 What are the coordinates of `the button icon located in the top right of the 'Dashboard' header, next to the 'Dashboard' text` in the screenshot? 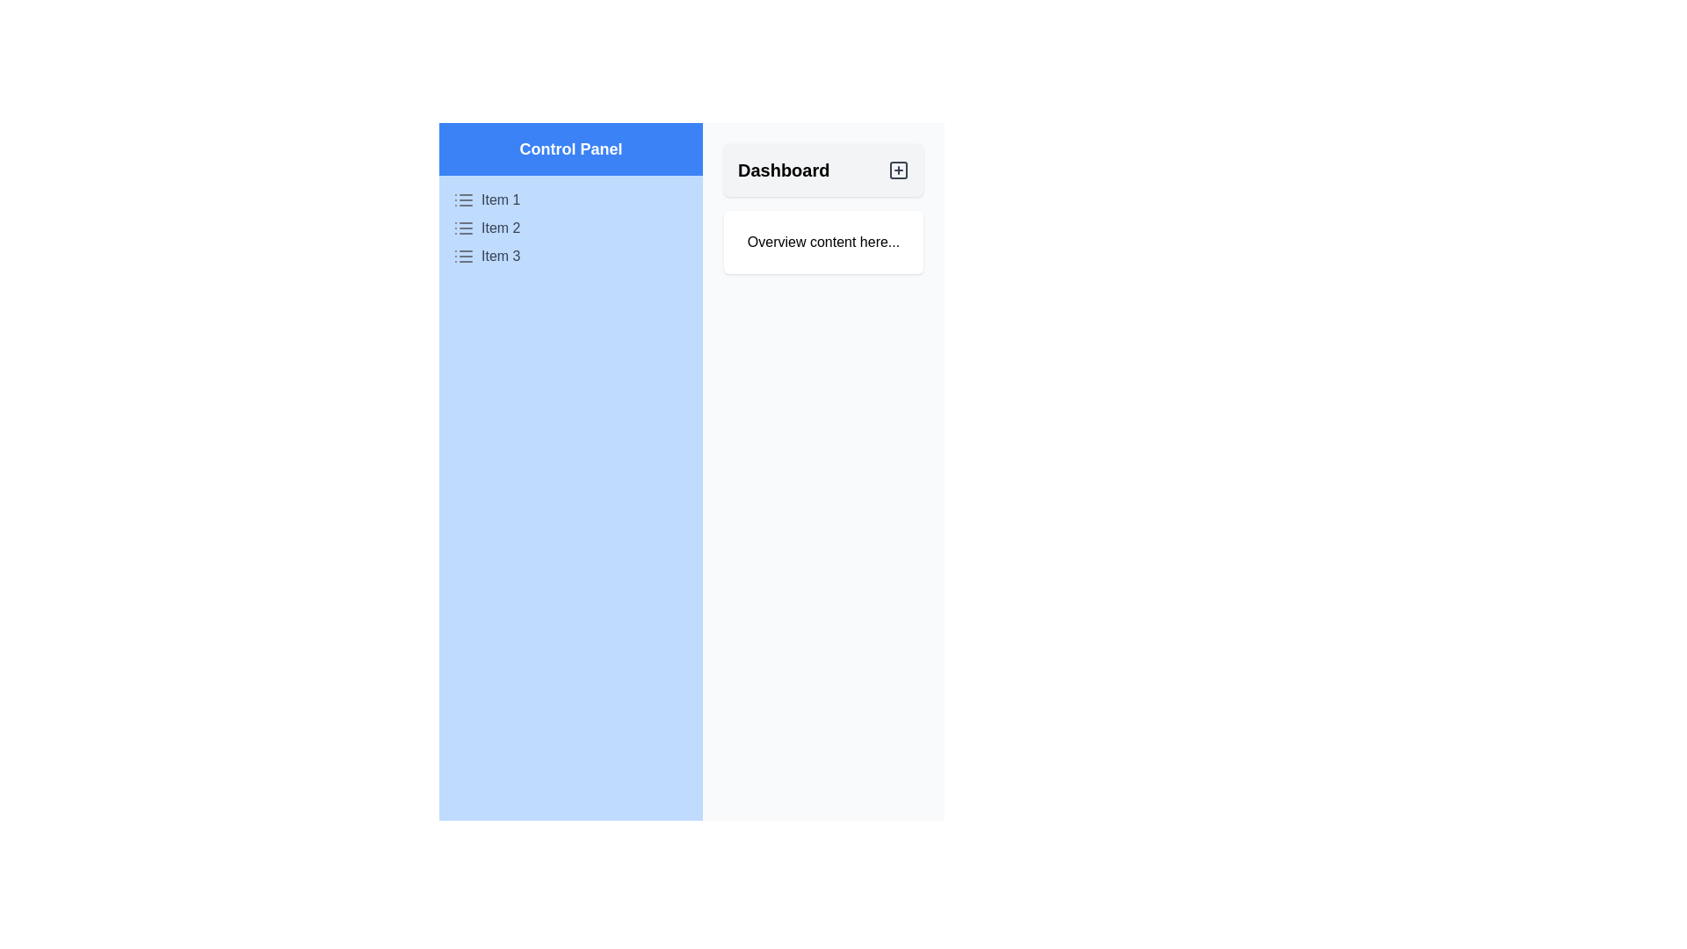 It's located at (898, 170).